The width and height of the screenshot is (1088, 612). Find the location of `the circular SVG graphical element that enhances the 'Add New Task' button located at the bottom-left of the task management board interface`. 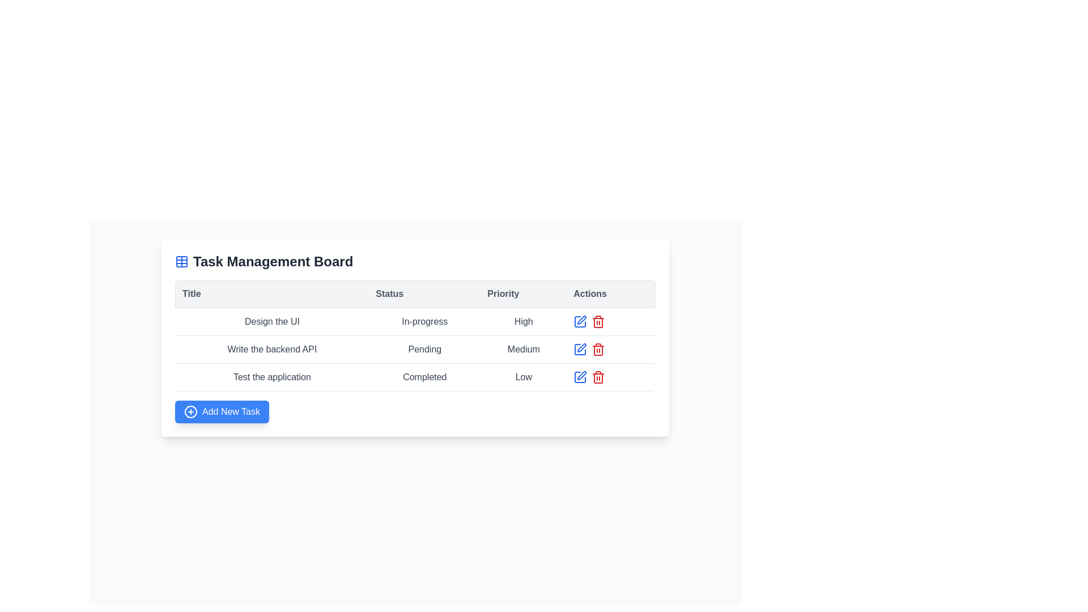

the circular SVG graphical element that enhances the 'Add New Task' button located at the bottom-left of the task management board interface is located at coordinates (190, 411).